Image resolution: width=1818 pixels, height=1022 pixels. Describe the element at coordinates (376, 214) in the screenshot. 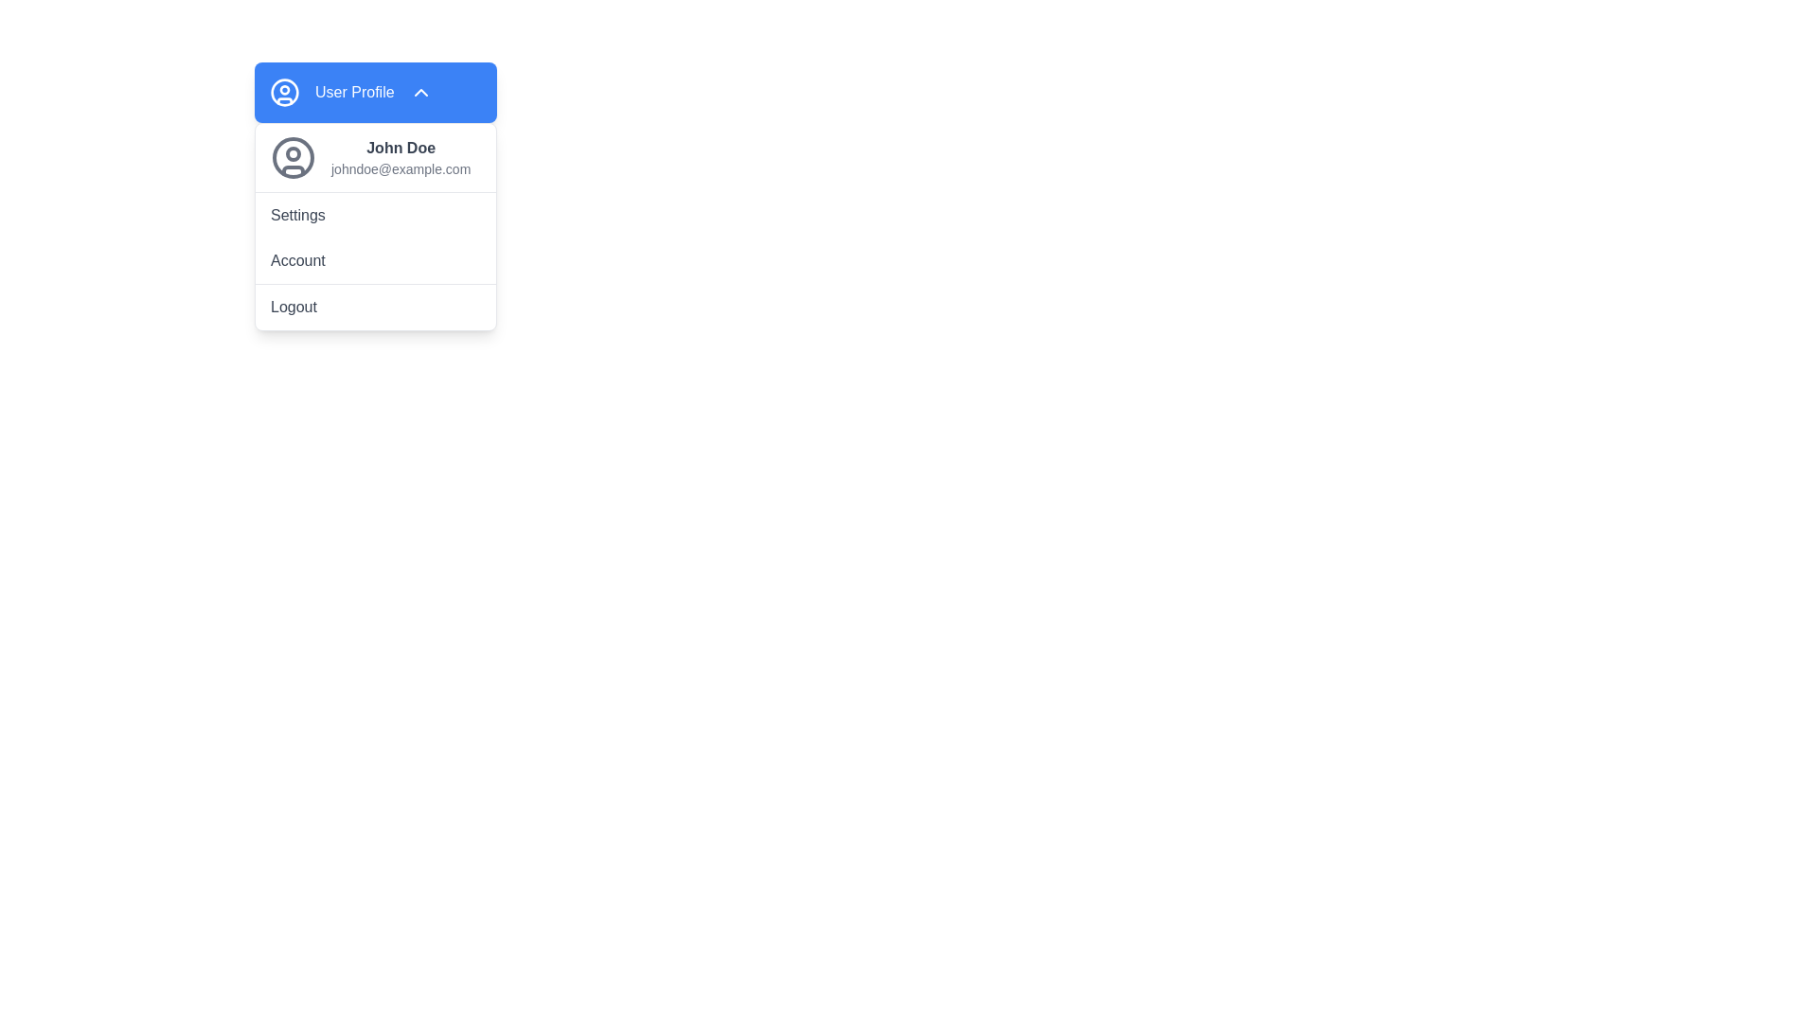

I see `the second item in the dropdown menu under the 'User Profile' button` at that location.